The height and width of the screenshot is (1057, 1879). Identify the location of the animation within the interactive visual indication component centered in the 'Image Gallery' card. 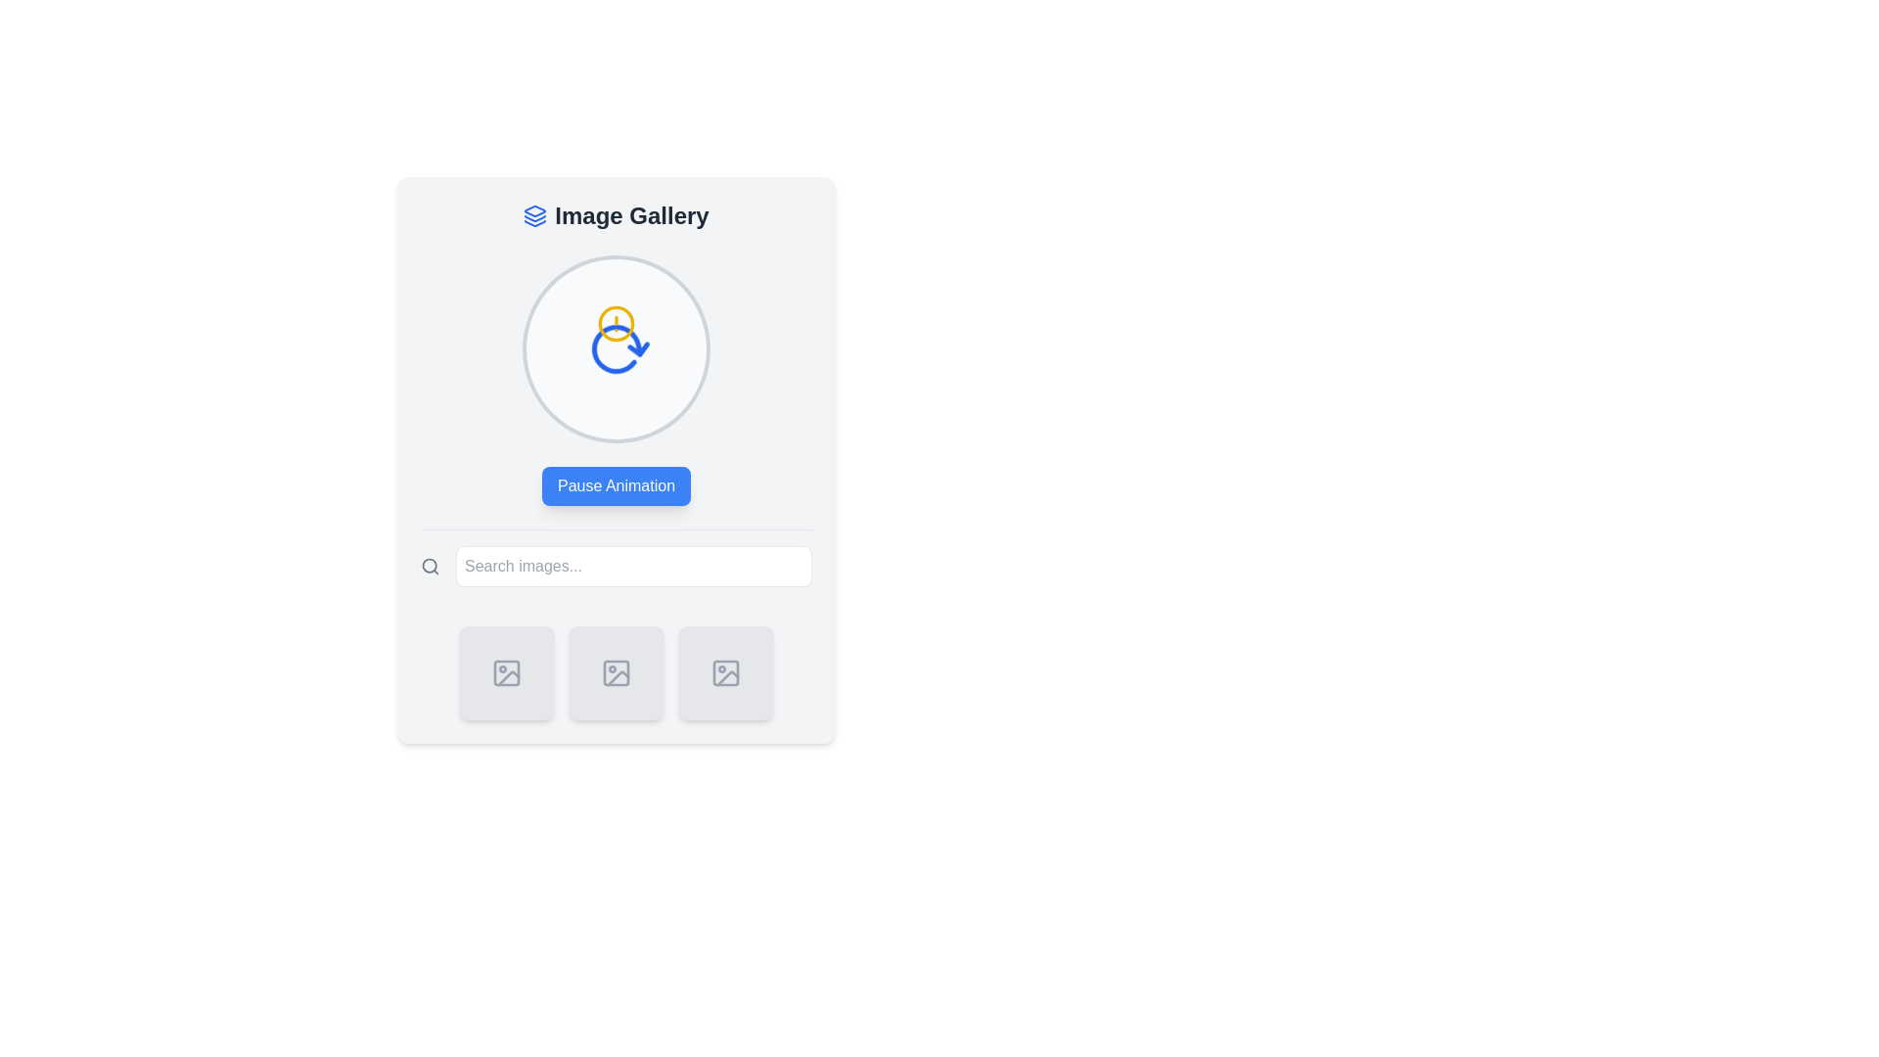
(615, 348).